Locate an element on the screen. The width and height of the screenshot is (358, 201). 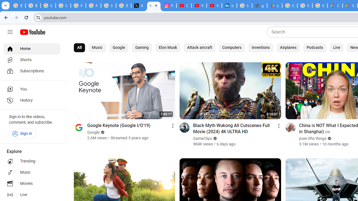
'Music' is located at coordinates (97, 47).